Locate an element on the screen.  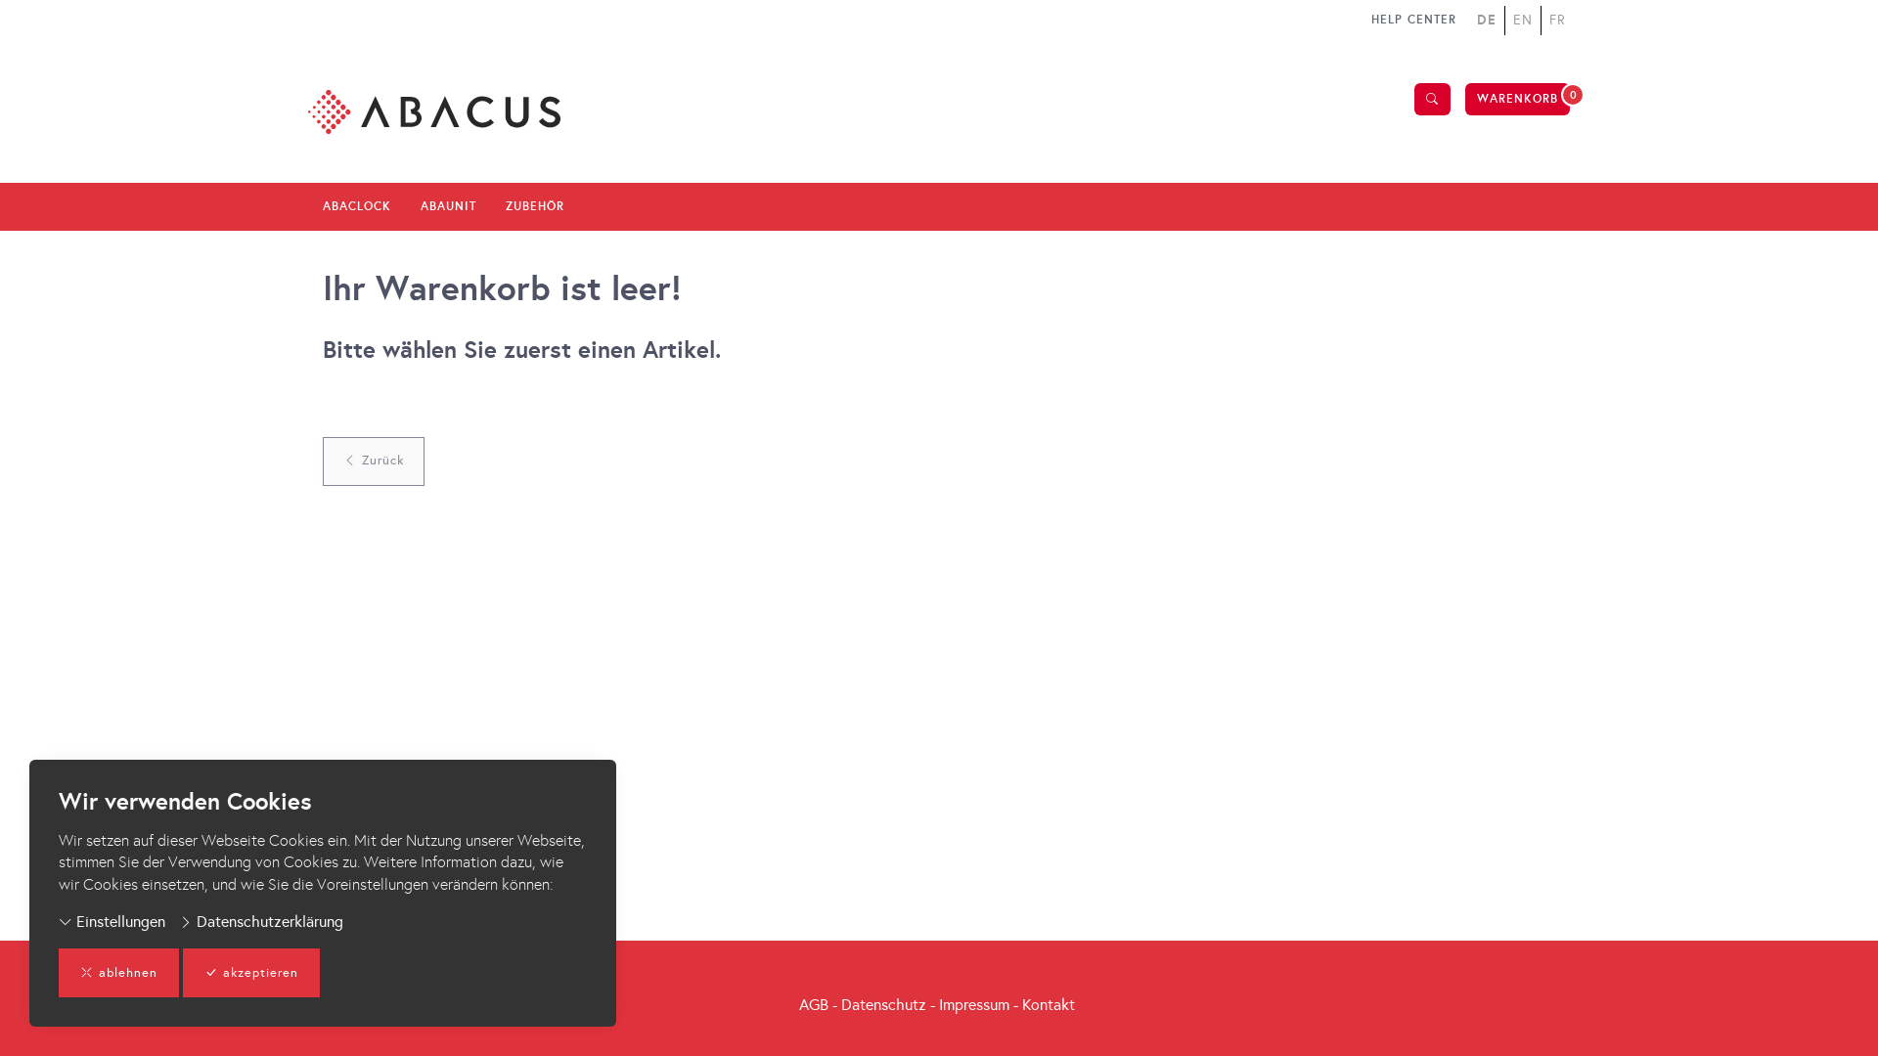
'ablehnen' is located at coordinates (117, 973).